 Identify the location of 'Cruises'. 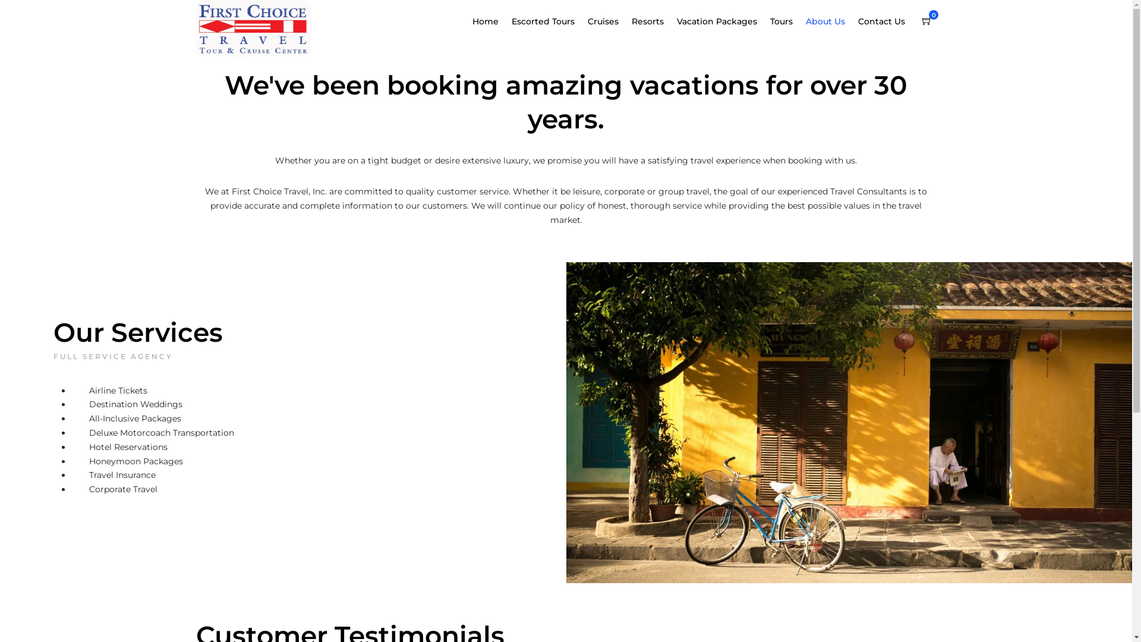
(608, 22).